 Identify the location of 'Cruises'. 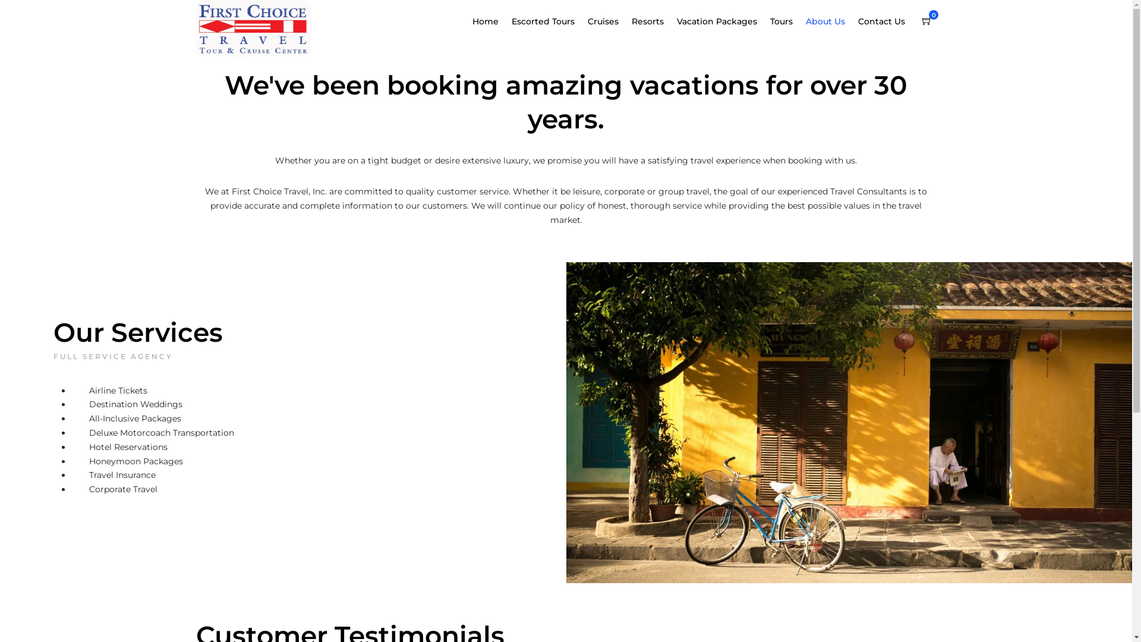
(608, 22).